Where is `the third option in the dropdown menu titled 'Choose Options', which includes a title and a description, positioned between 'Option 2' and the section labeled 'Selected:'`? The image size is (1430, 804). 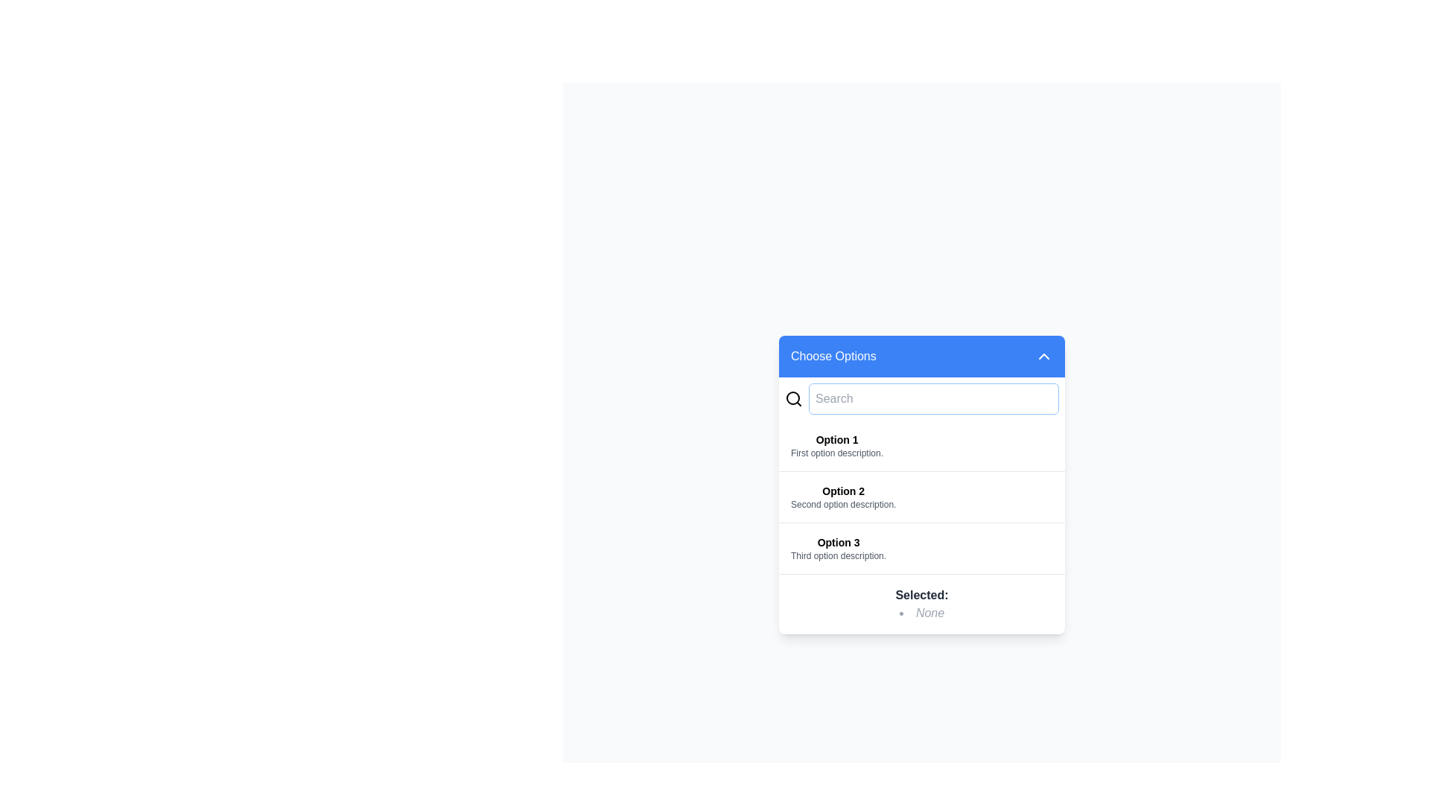 the third option in the dropdown menu titled 'Choose Options', which includes a title and a description, positioned between 'Option 2' and the section labeled 'Selected:' is located at coordinates (839, 548).